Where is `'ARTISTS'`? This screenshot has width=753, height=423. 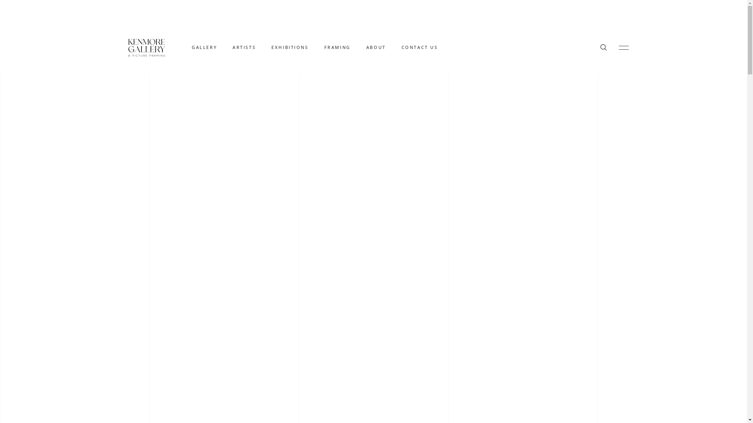 'ARTISTS' is located at coordinates (244, 47).